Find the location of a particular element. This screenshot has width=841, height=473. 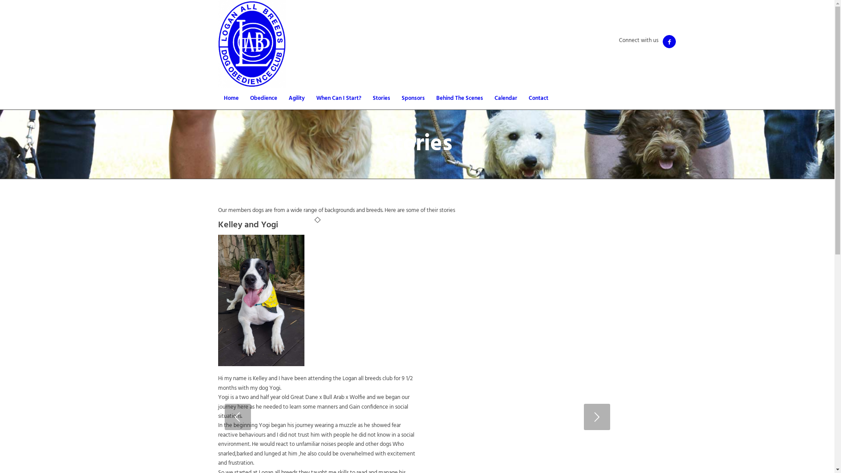

'Agility' is located at coordinates (283, 98).